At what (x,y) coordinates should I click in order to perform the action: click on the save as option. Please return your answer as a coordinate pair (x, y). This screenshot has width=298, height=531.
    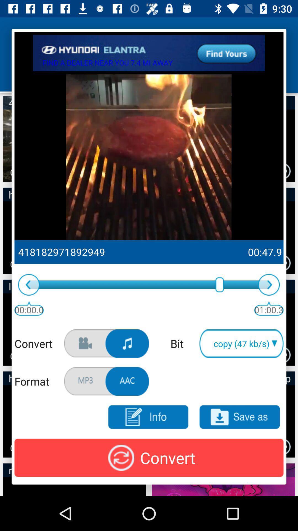
    Looking at the image, I should click on (239, 417).